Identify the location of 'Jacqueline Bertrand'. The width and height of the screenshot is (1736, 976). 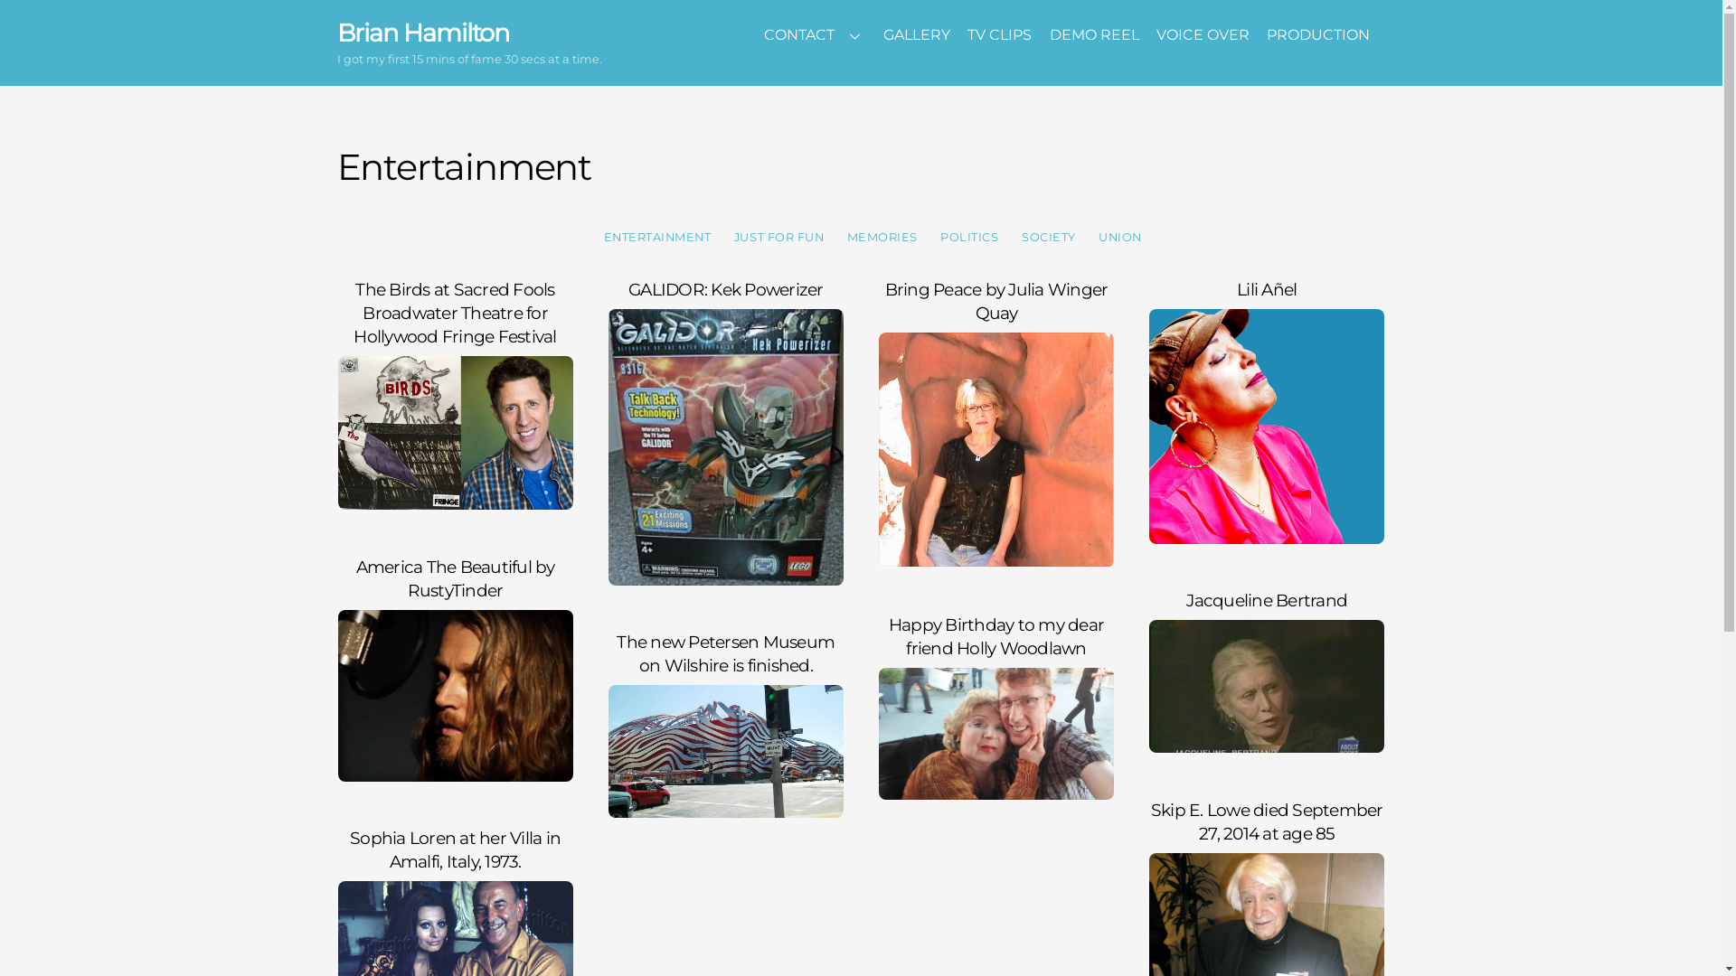
(1266, 686).